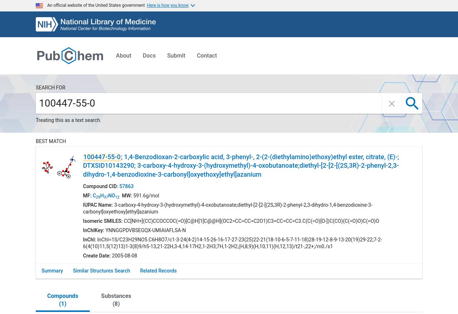  What do you see at coordinates (251, 220) in the screenshot?
I see `'CC[NH+](CC)CCOCCOC(=O)[C@H]1[C@@H](OC2=CC=CC=C2O1)C3=CC=CC=C3.C(C(=O)[O-])C(CO)(C(=O)O)C(=O)O'` at bounding box center [251, 220].